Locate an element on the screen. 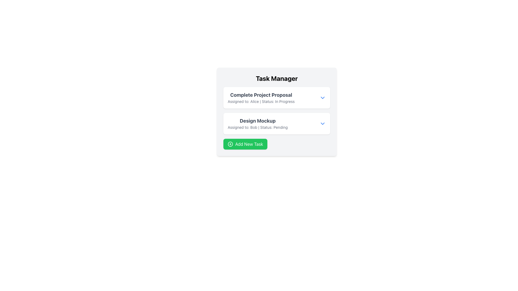  the first task summary card in the 'Task Manager' is located at coordinates (277, 98).